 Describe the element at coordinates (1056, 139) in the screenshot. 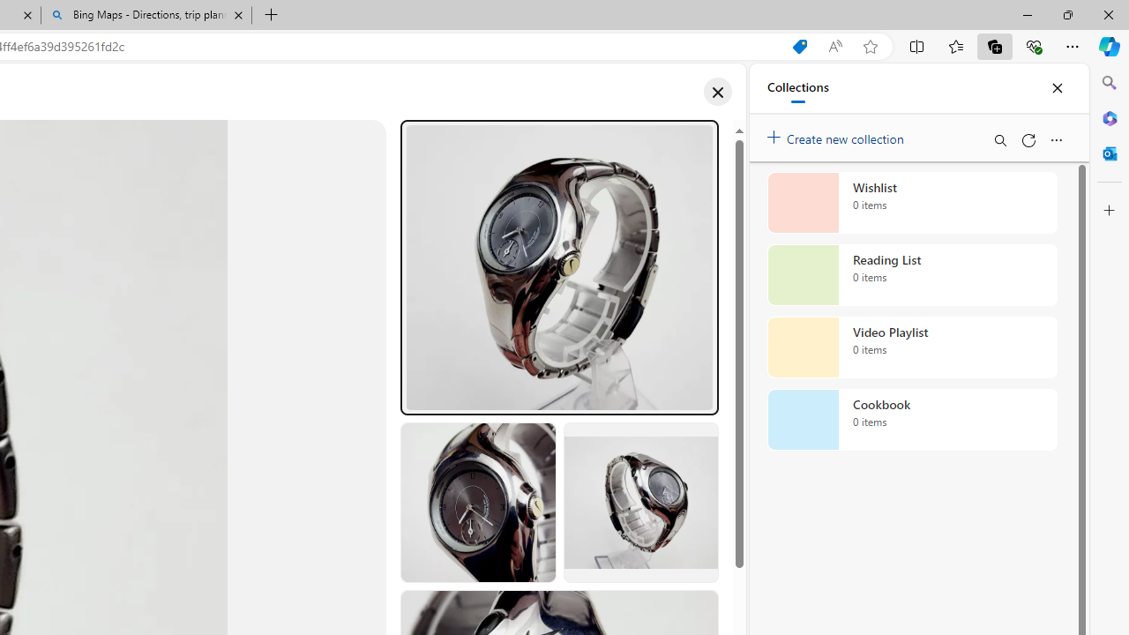

I see `'More options menu'` at that location.